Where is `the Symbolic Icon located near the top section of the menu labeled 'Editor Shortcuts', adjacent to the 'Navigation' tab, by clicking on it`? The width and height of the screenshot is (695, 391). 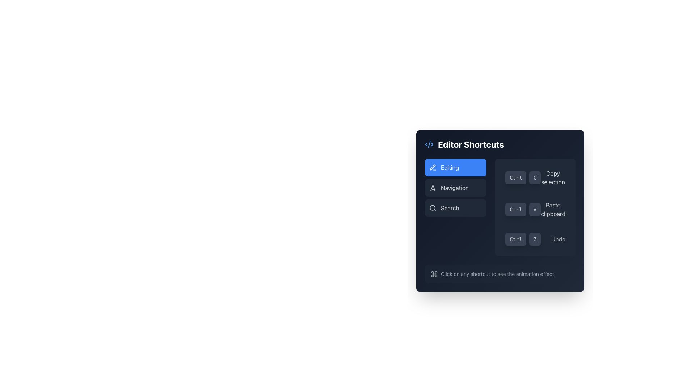
the Symbolic Icon located near the top section of the menu labeled 'Editor Shortcuts', adjacent to the 'Navigation' tab, by clicking on it is located at coordinates (433, 187).